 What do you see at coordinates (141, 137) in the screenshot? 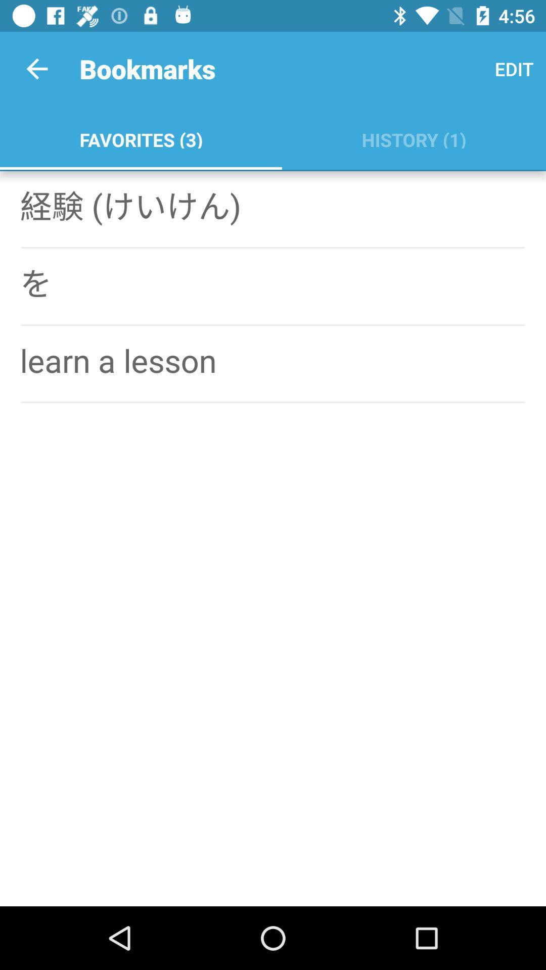
I see `favorites (3) icon` at bounding box center [141, 137].